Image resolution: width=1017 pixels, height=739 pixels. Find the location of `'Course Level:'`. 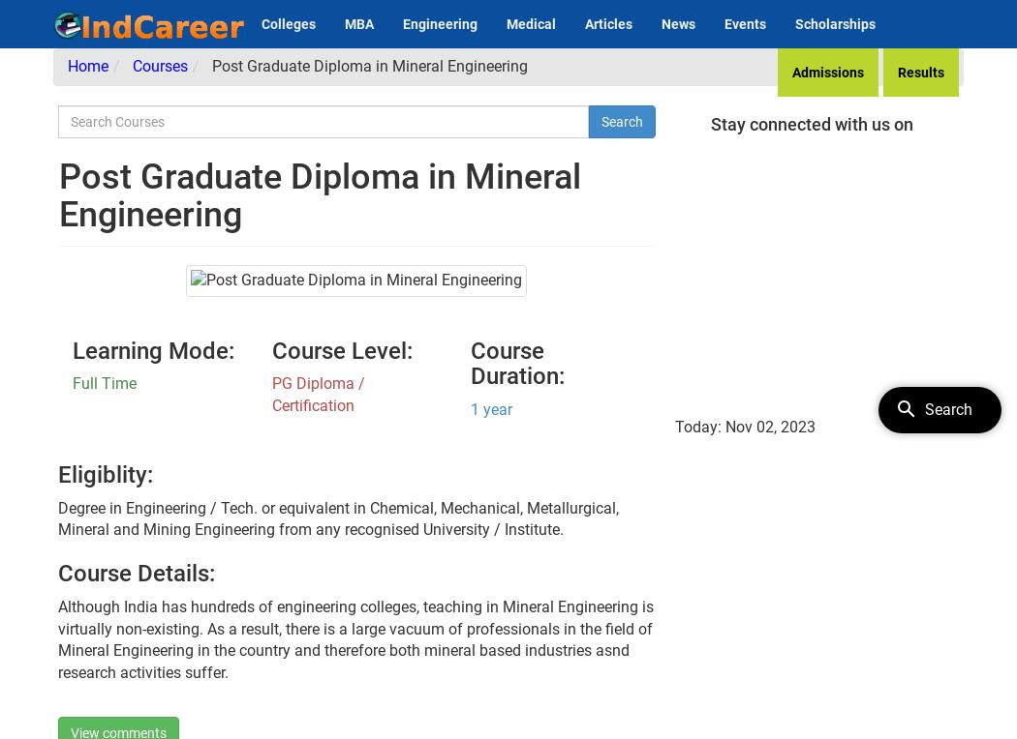

'Course Level:' is located at coordinates (340, 349).